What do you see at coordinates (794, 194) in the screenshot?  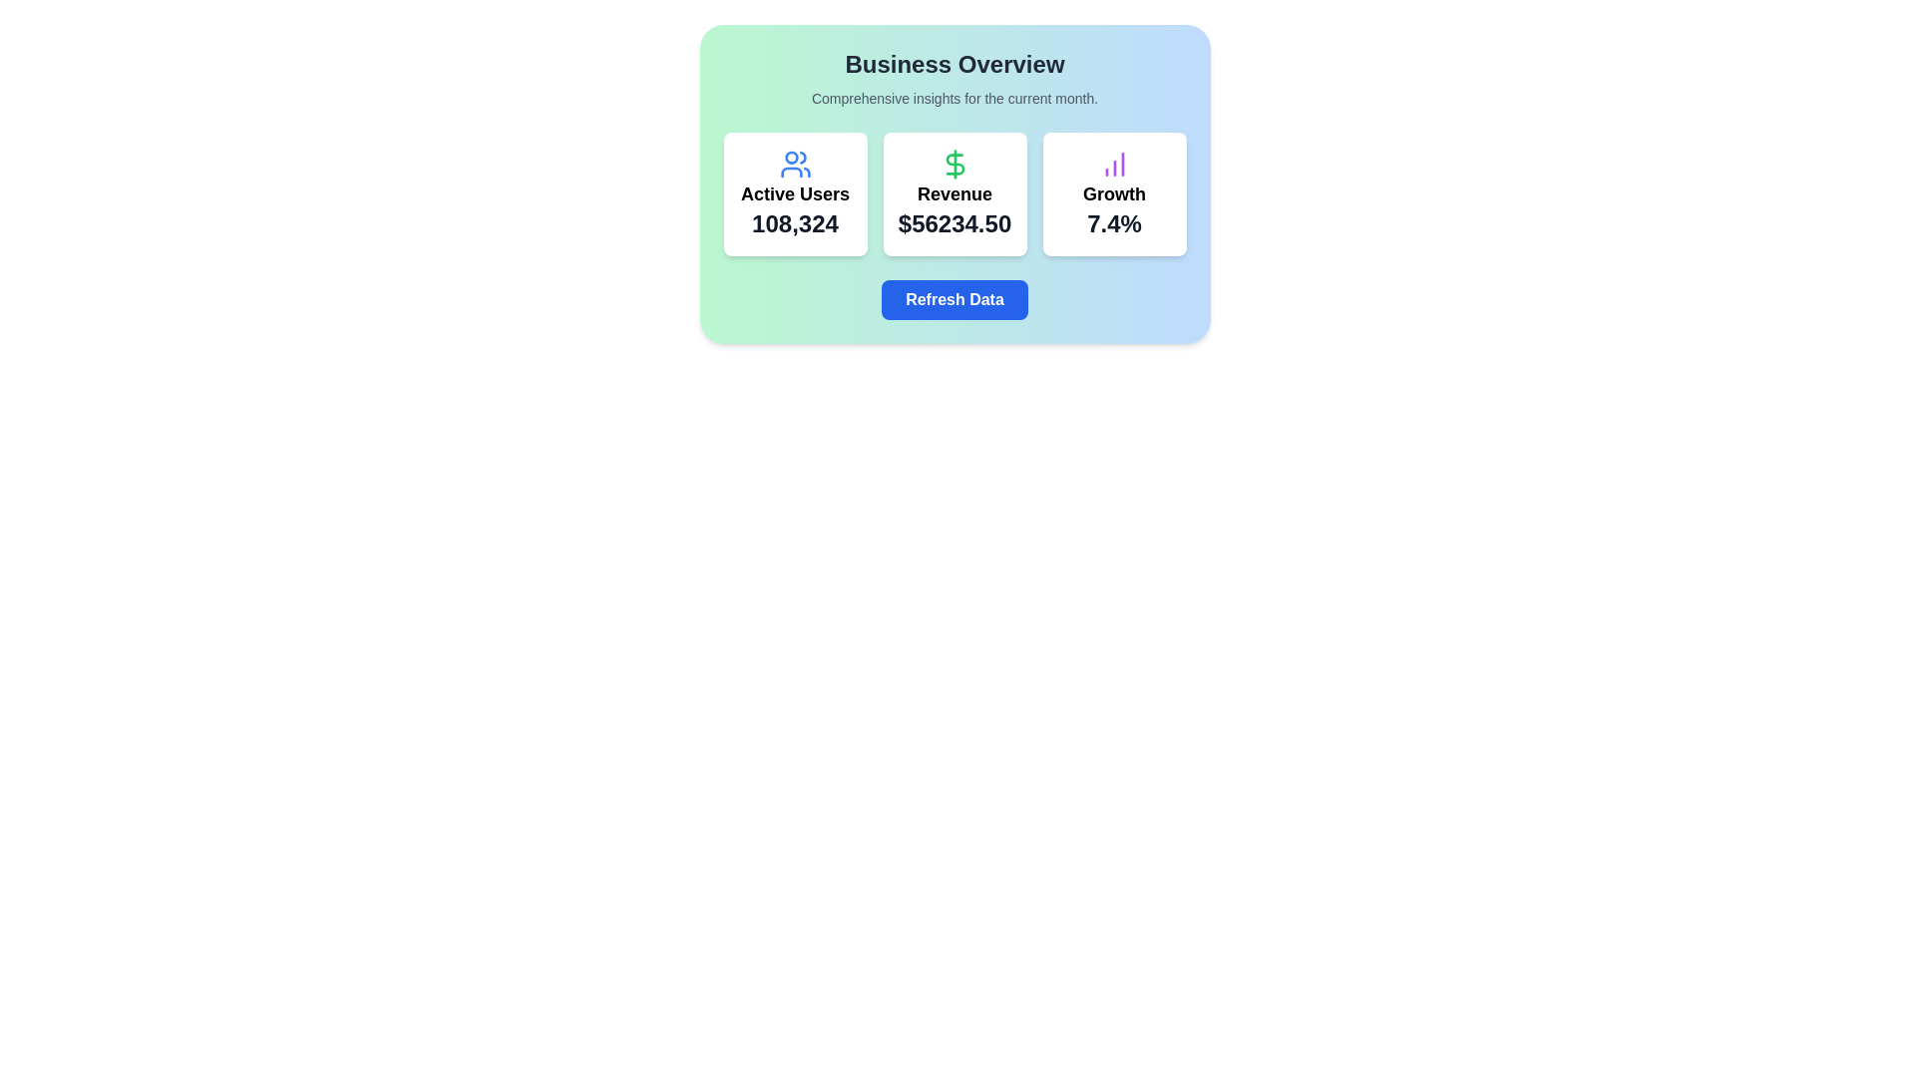 I see `the Information card displaying the number of active users` at bounding box center [794, 194].